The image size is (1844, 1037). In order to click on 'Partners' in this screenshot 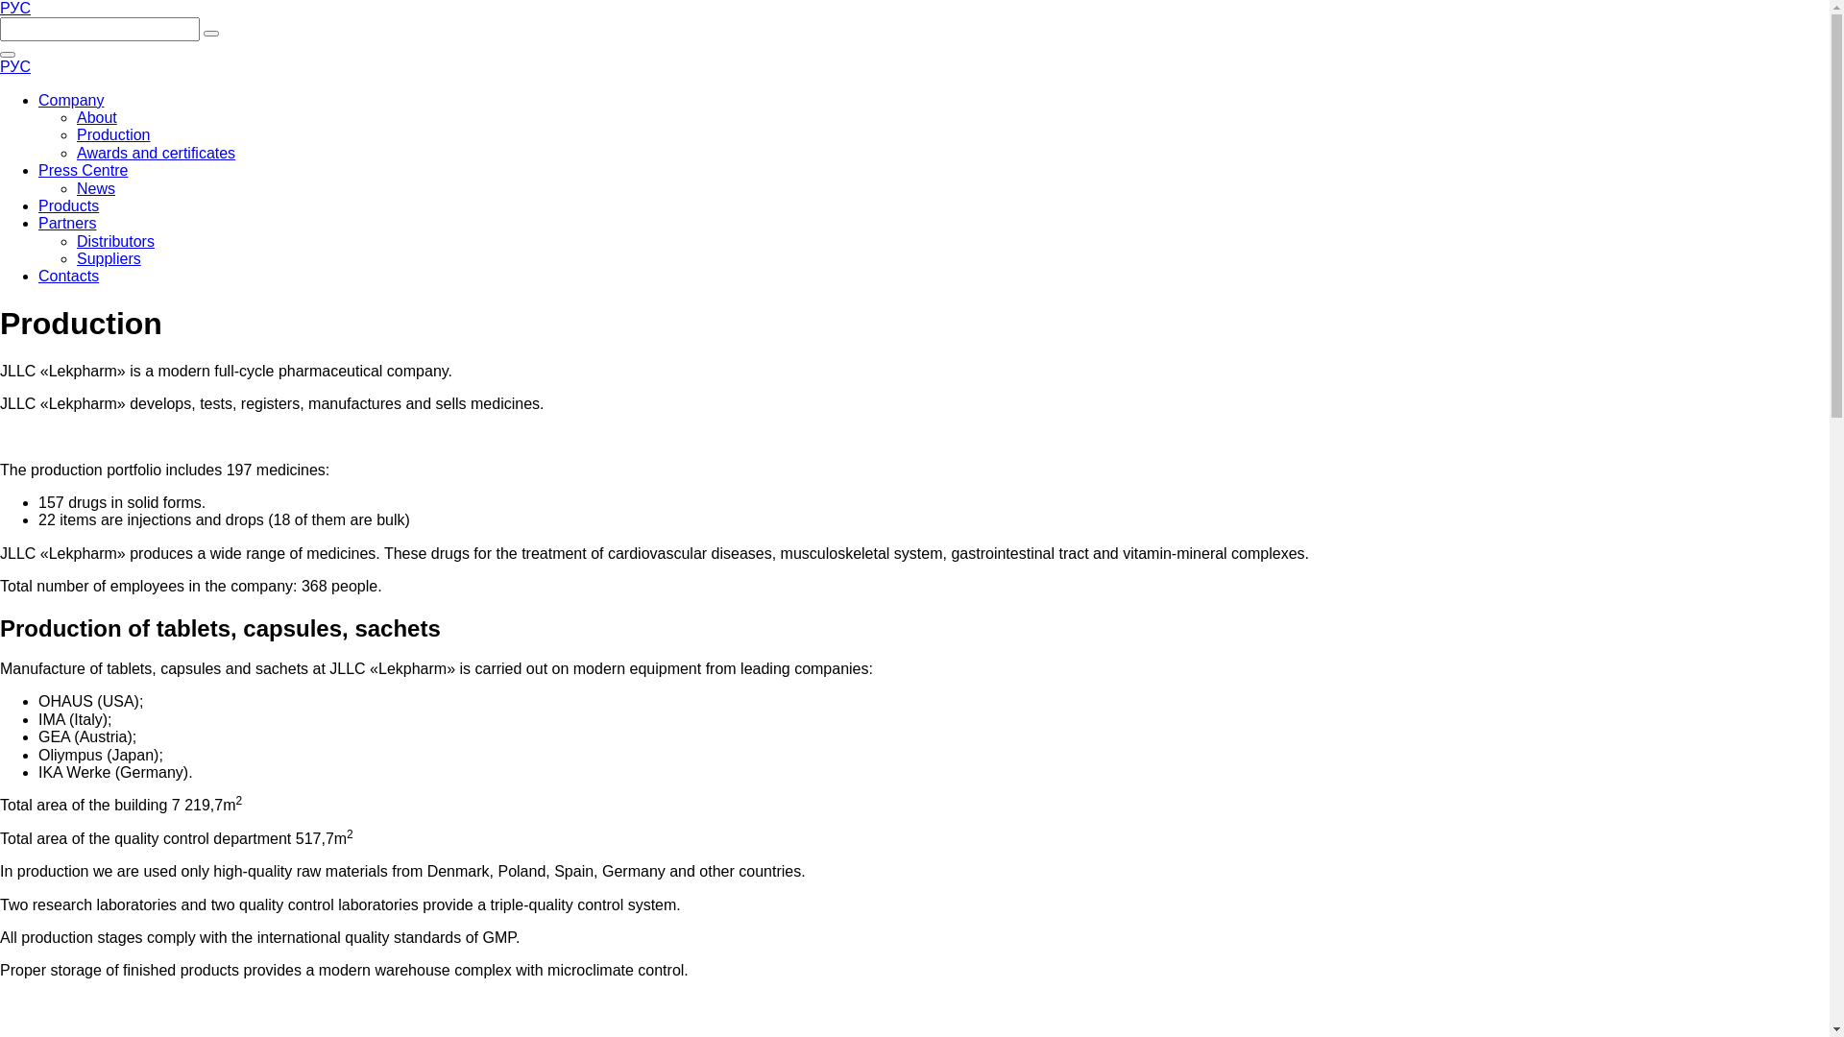, I will do `click(67, 222)`.